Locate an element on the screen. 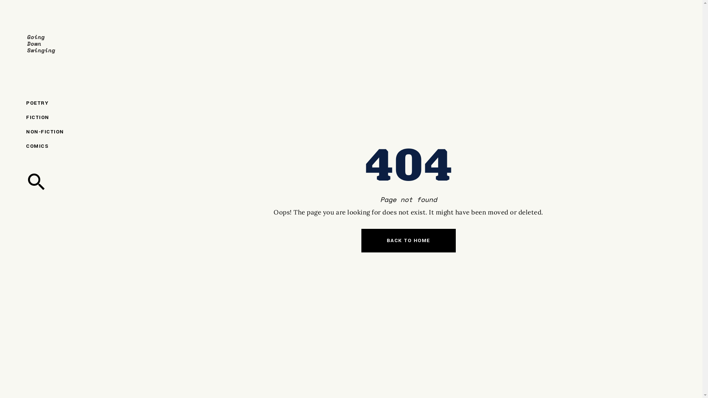 The image size is (708, 398). 'POETRY' is located at coordinates (56, 103).